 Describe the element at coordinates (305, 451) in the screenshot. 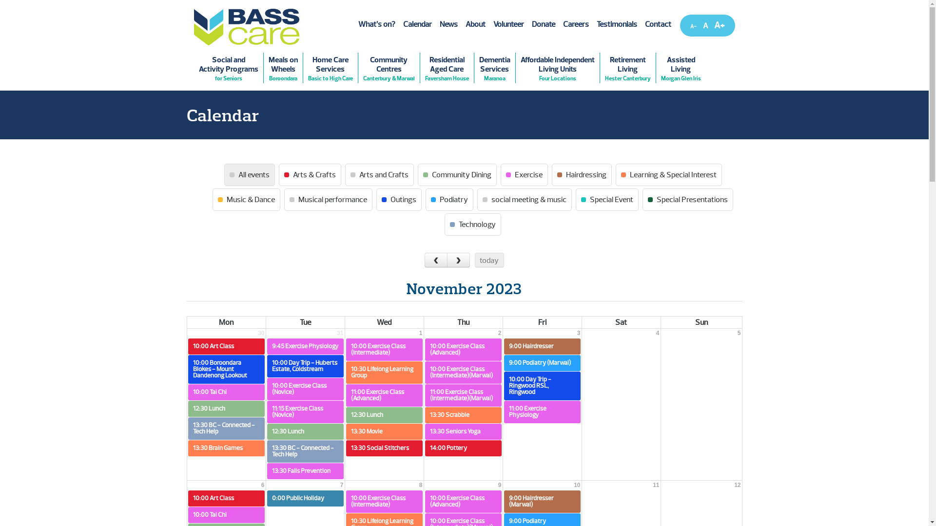

I see `'13:30 BC - Connected - Tech Help` at that location.